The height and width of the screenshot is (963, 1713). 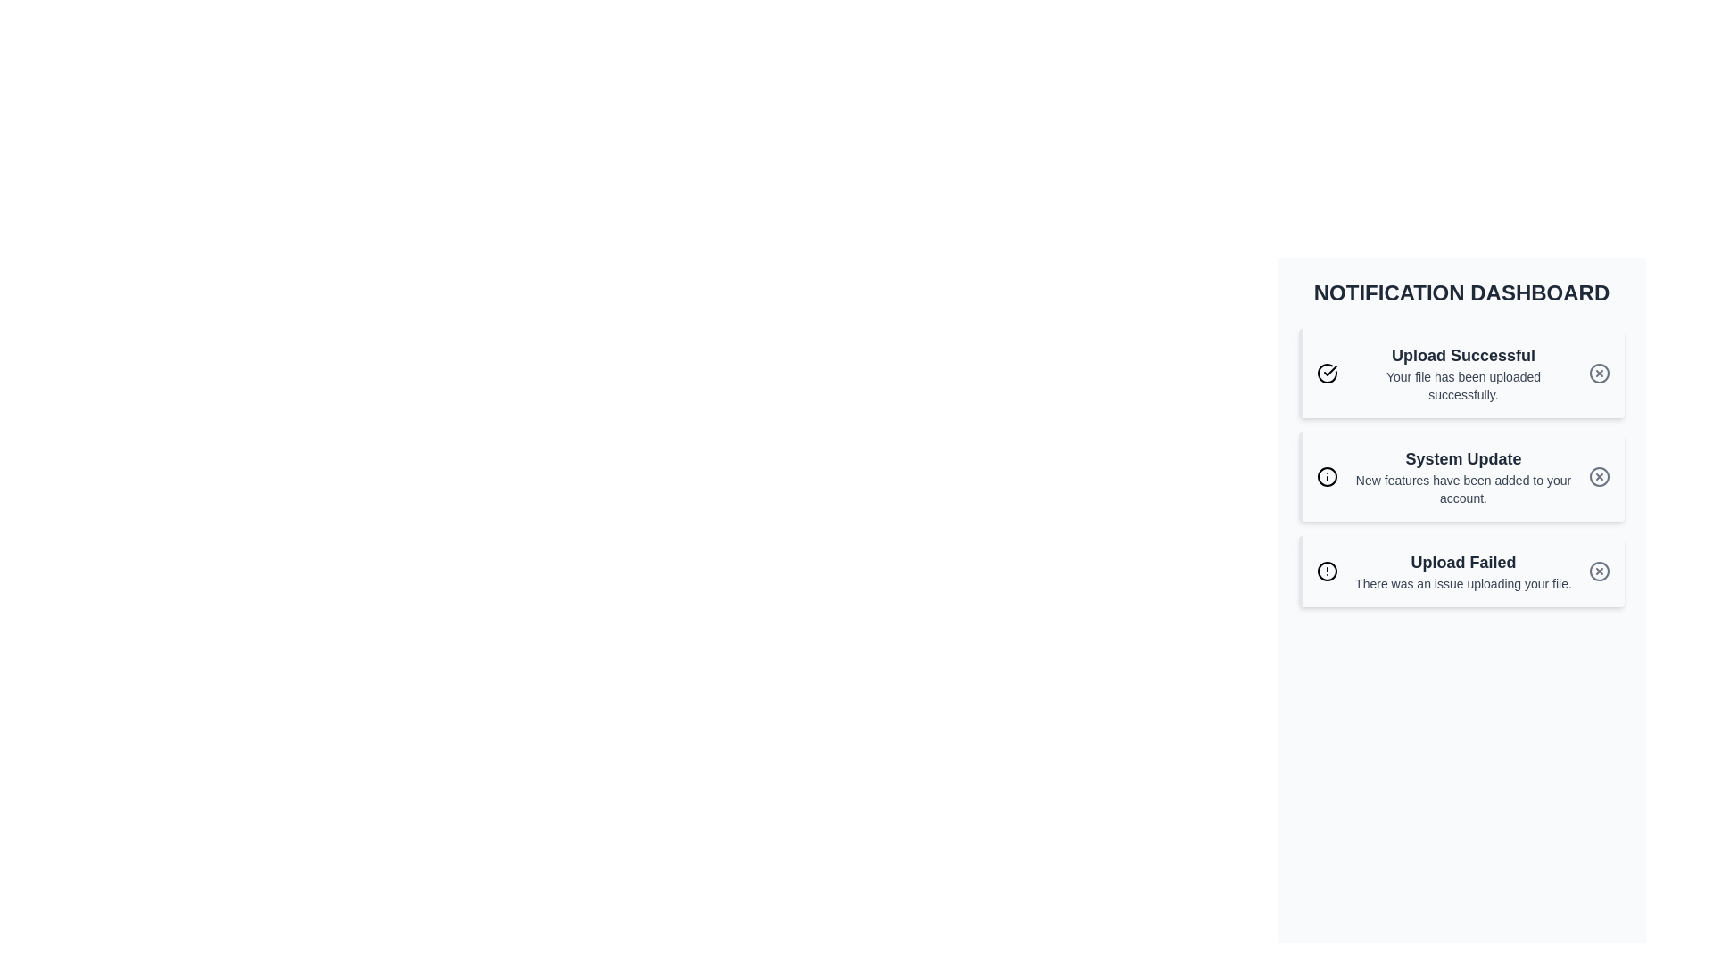 What do you see at coordinates (1463, 584) in the screenshot?
I see `the explanatory message text element located below the 'Upload Failed' heading in the notification panel` at bounding box center [1463, 584].